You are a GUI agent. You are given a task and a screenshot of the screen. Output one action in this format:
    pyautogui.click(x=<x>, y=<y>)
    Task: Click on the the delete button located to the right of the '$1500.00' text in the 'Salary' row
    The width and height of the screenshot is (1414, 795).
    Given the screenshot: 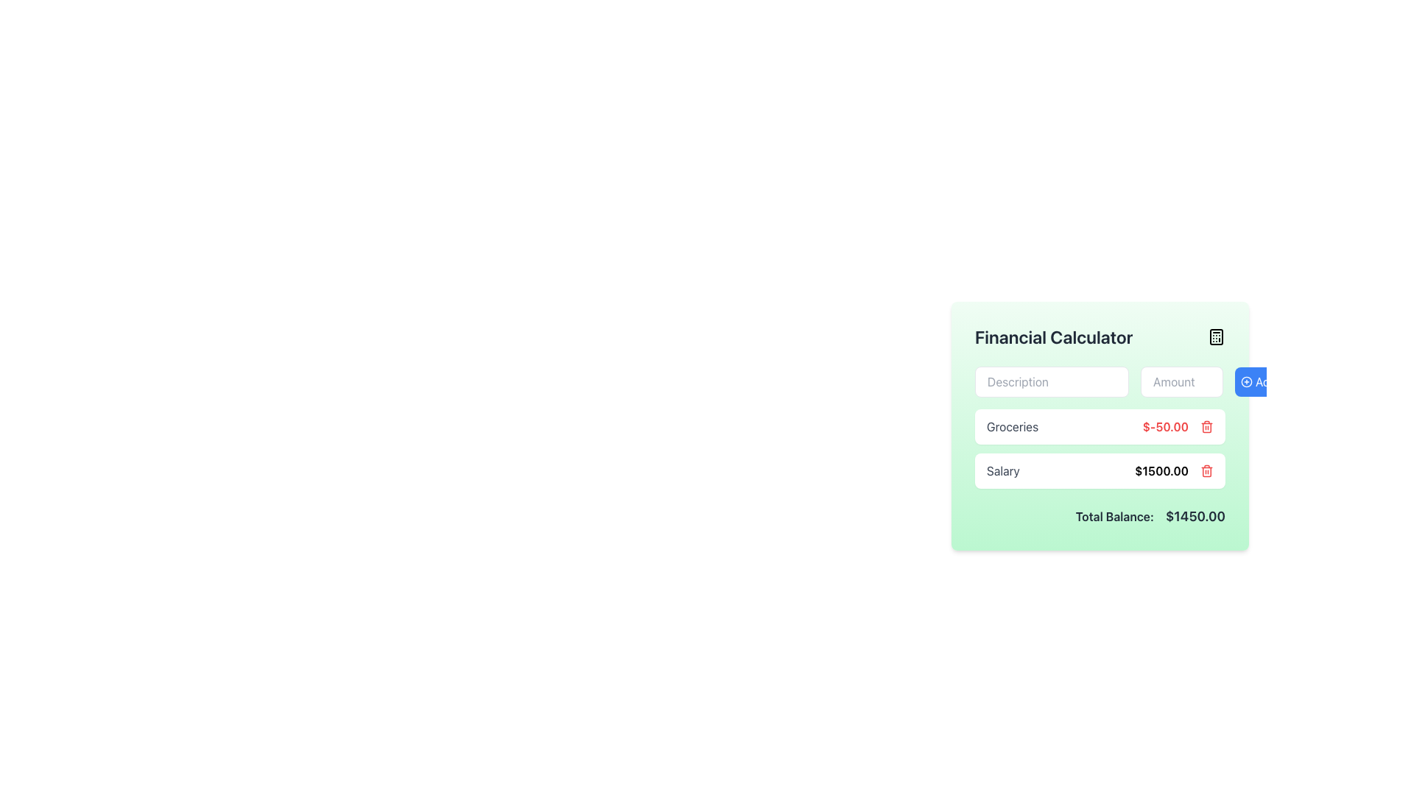 What is the action you would take?
    pyautogui.click(x=1206, y=471)
    